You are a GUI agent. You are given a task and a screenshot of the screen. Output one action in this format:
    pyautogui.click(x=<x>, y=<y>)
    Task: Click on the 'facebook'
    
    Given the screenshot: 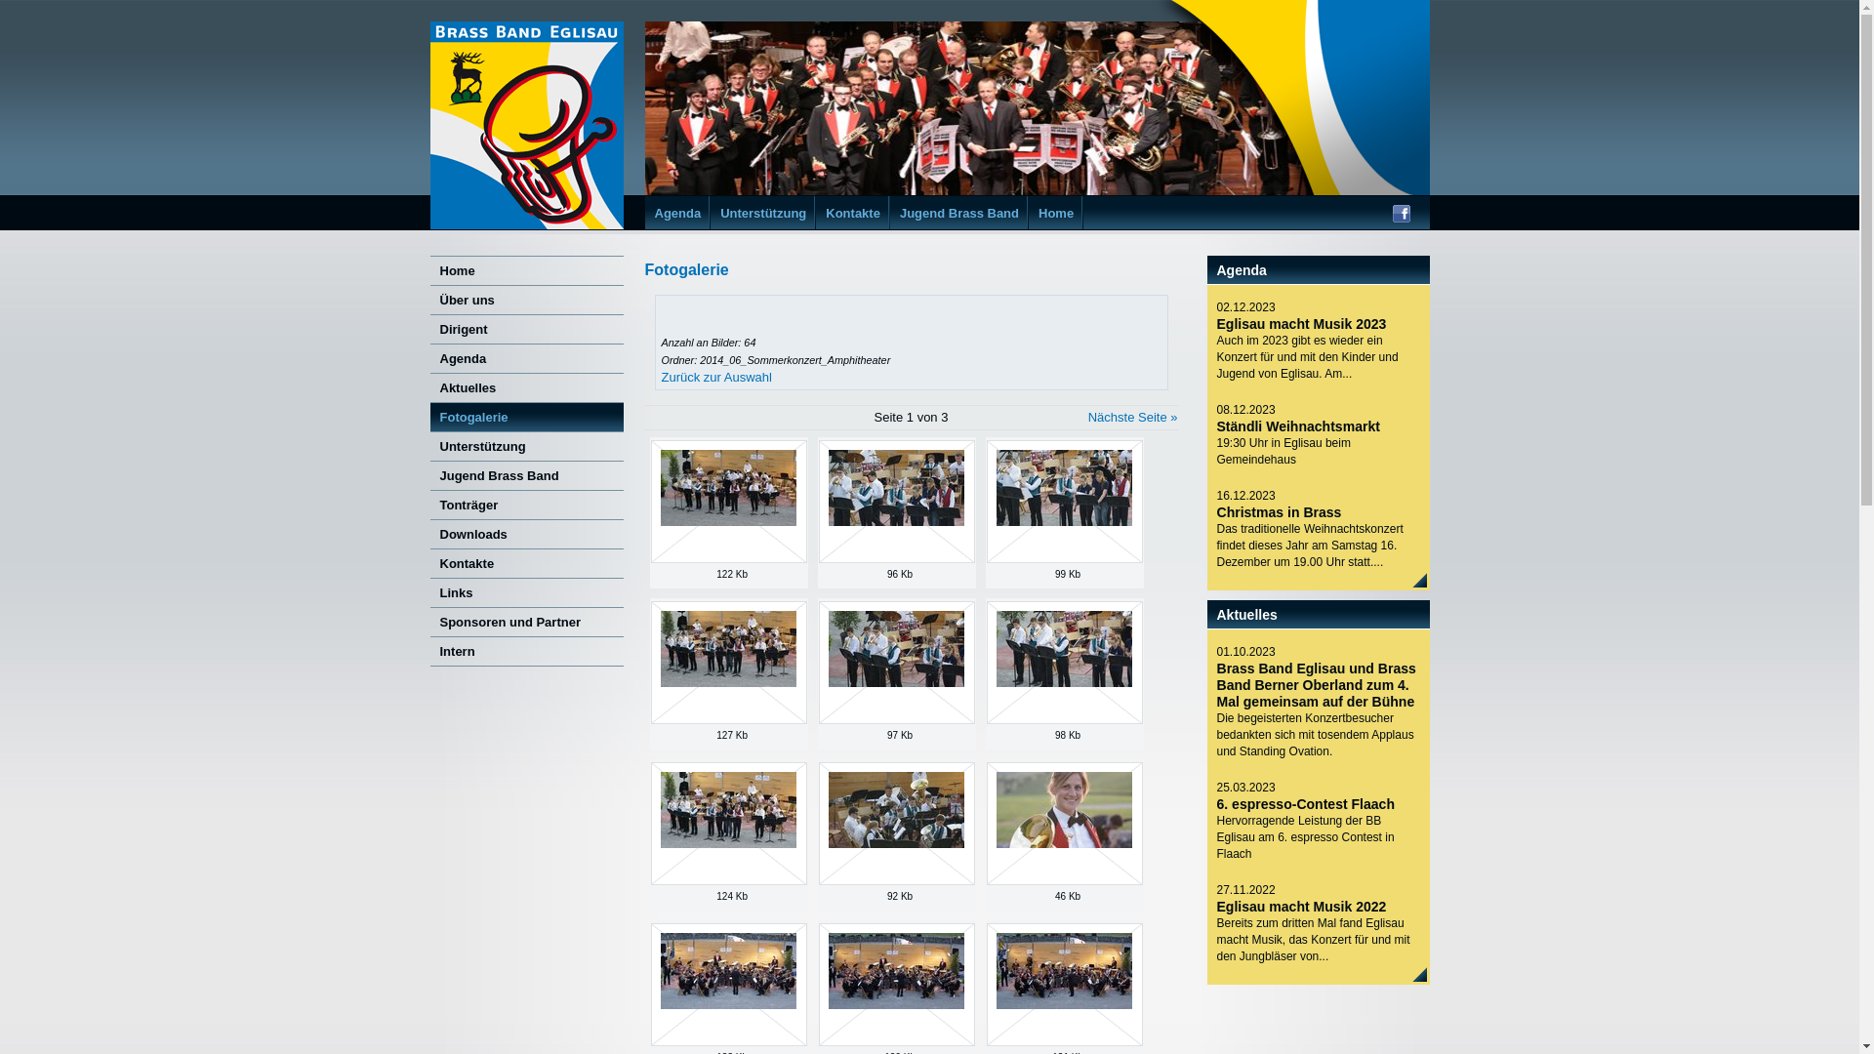 What is the action you would take?
    pyautogui.click(x=1390, y=217)
    